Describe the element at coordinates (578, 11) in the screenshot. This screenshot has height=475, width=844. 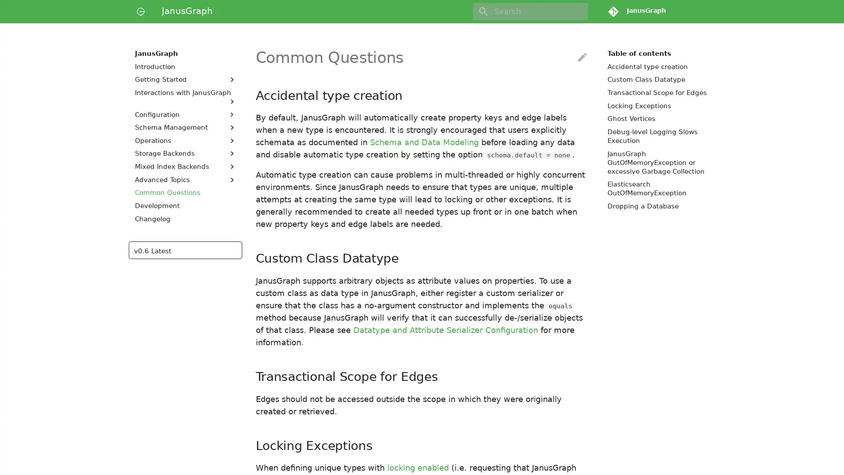
I see `Clear` at that location.